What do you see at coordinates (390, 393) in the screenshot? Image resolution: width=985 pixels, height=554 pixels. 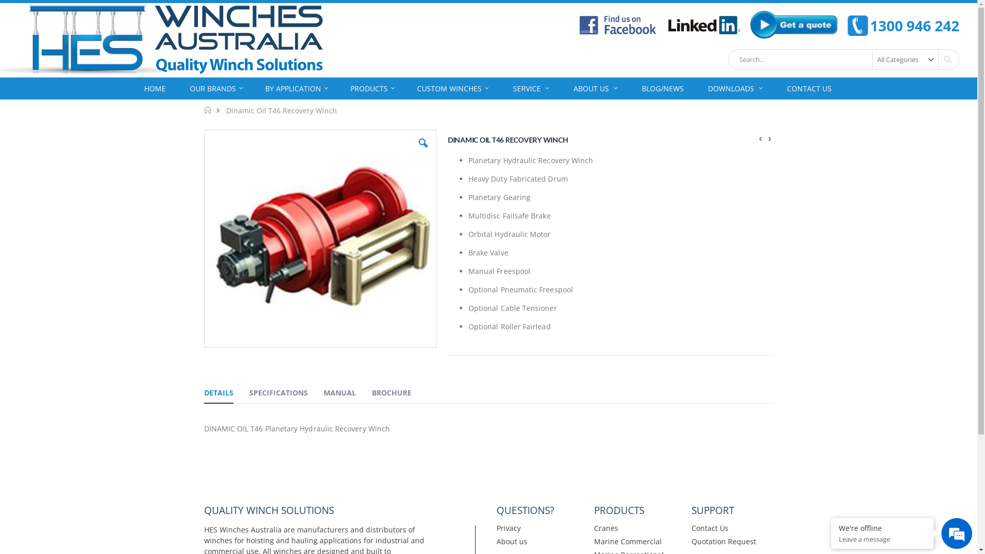 I see `'BROCHURE'` at bounding box center [390, 393].